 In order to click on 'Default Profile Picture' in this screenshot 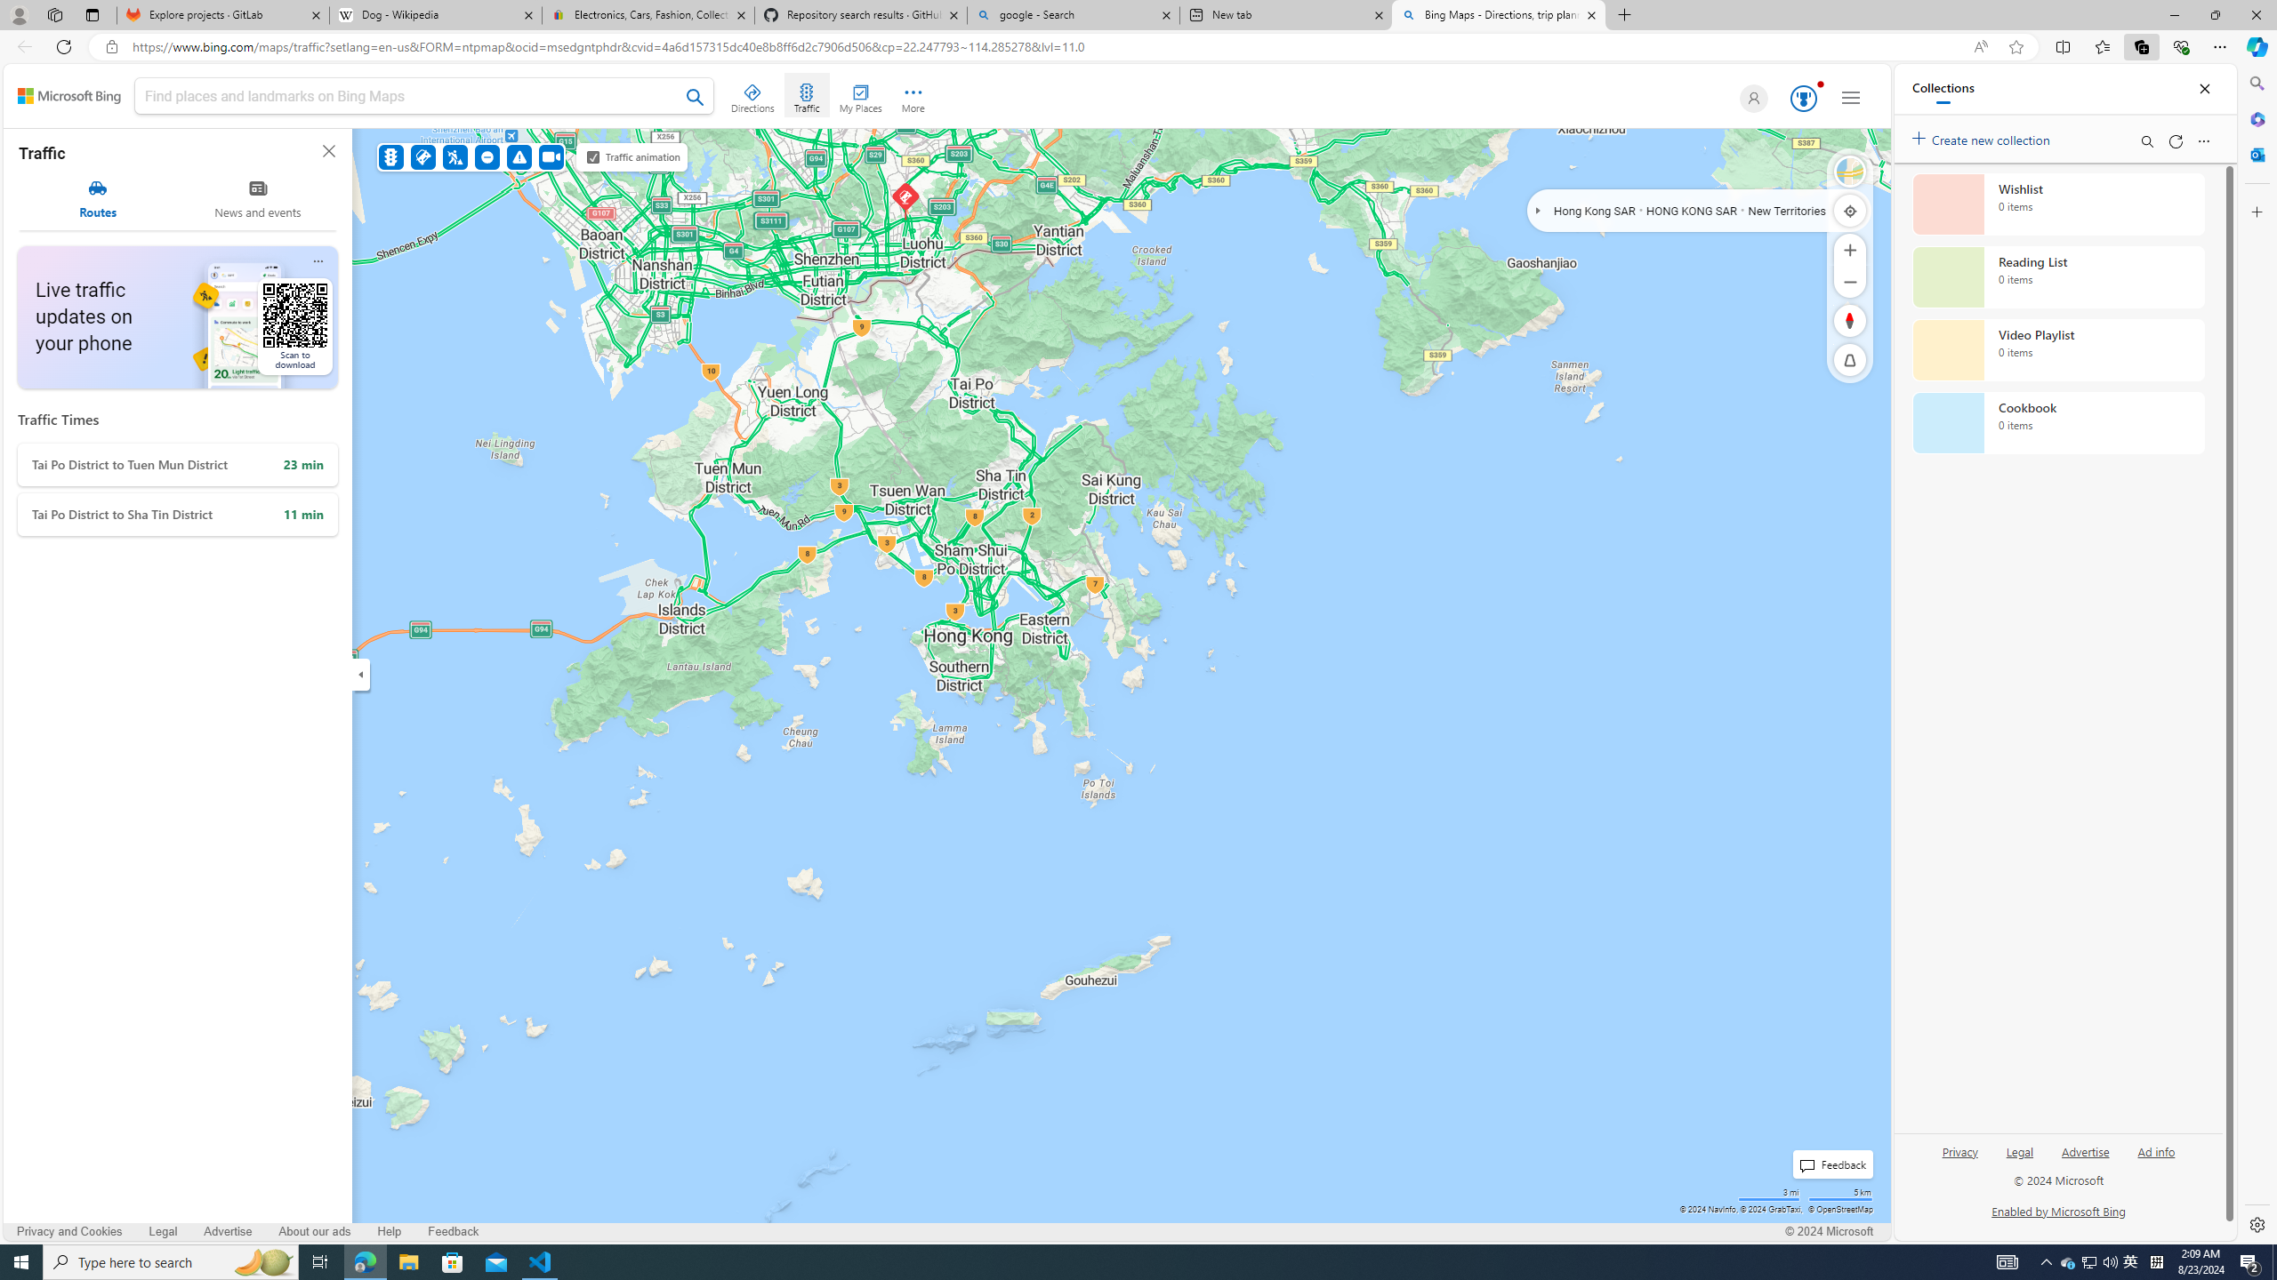, I will do `click(1750, 98)`.